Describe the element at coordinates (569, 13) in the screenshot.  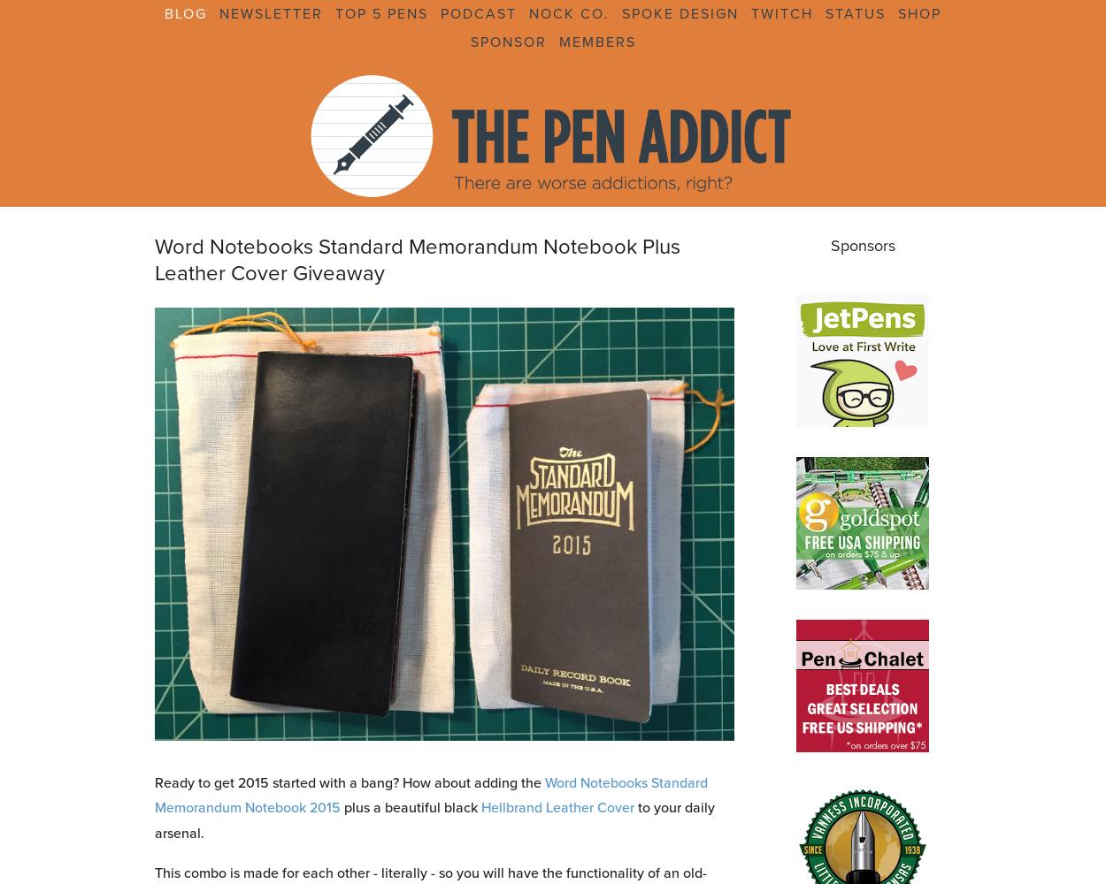
I see `'Nock Co.'` at that location.